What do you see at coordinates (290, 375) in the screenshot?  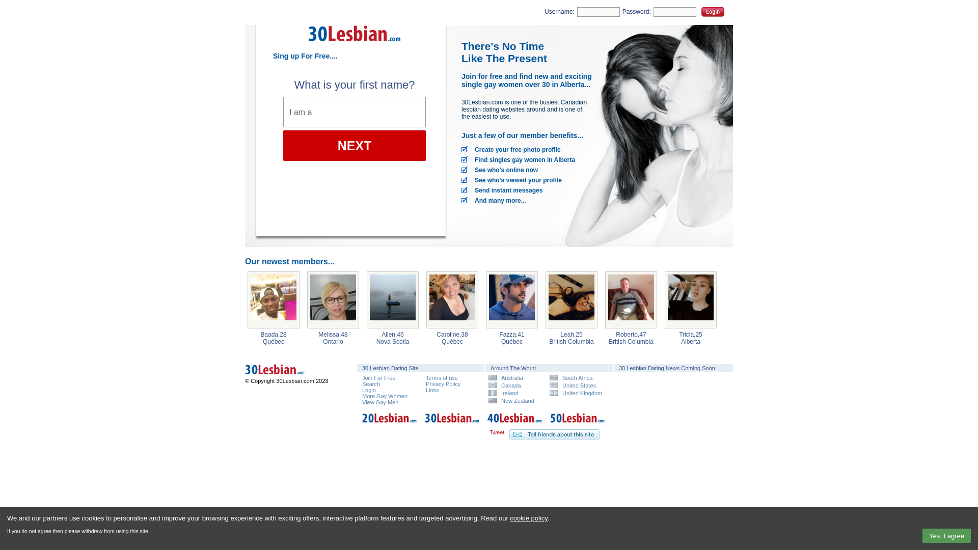 I see `'30 Lesbian Dating Canada'` at bounding box center [290, 375].